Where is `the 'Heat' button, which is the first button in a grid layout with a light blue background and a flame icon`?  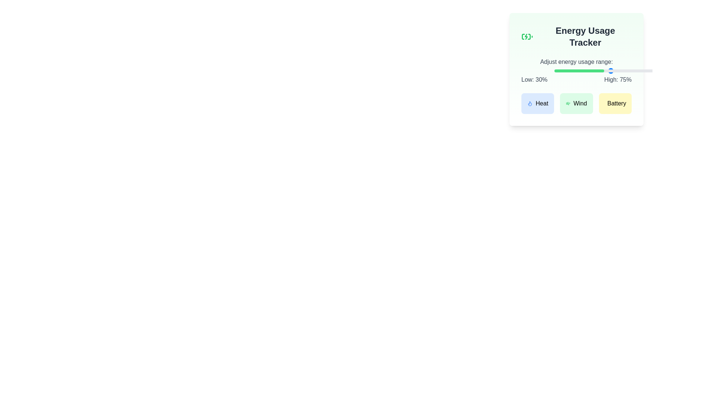
the 'Heat' button, which is the first button in a grid layout with a light blue background and a flame icon is located at coordinates (538, 103).